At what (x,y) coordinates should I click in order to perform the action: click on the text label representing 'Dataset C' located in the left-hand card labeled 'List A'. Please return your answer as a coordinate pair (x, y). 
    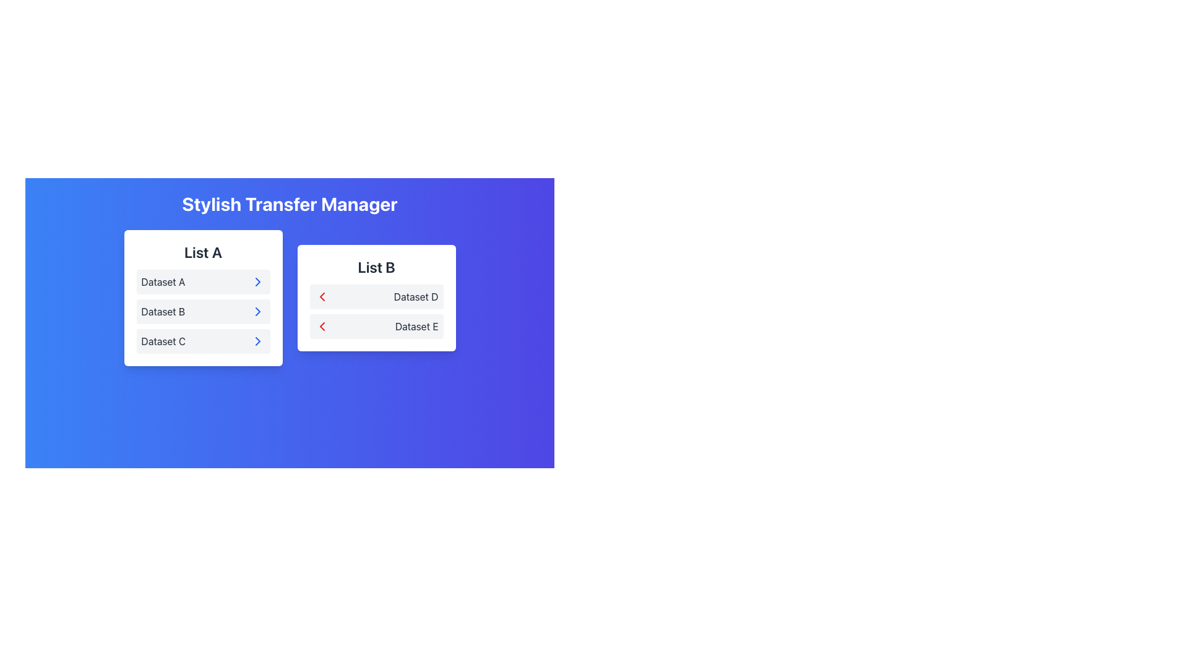
    Looking at the image, I should click on (163, 341).